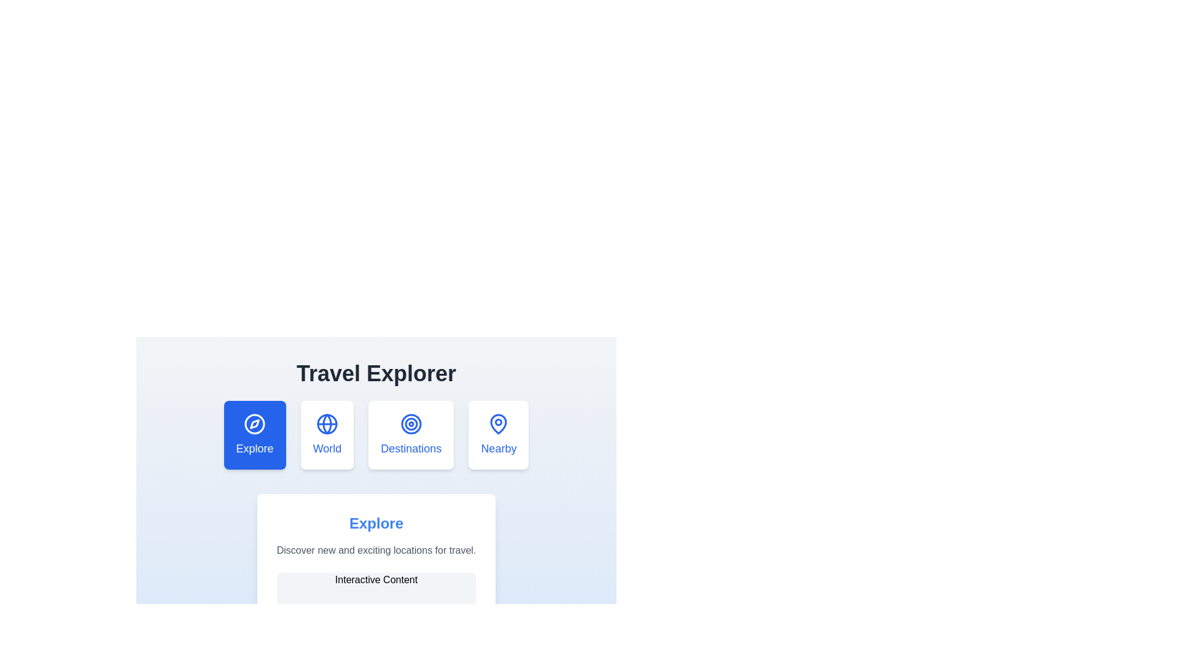 This screenshot has width=1179, height=663. Describe the element at coordinates (410, 435) in the screenshot. I see `the tab labeled Destinations to view its content` at that location.